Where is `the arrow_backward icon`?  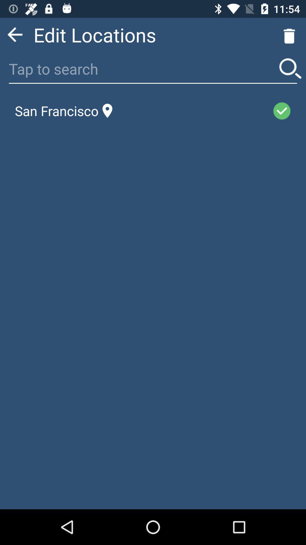 the arrow_backward icon is located at coordinates (14, 34).